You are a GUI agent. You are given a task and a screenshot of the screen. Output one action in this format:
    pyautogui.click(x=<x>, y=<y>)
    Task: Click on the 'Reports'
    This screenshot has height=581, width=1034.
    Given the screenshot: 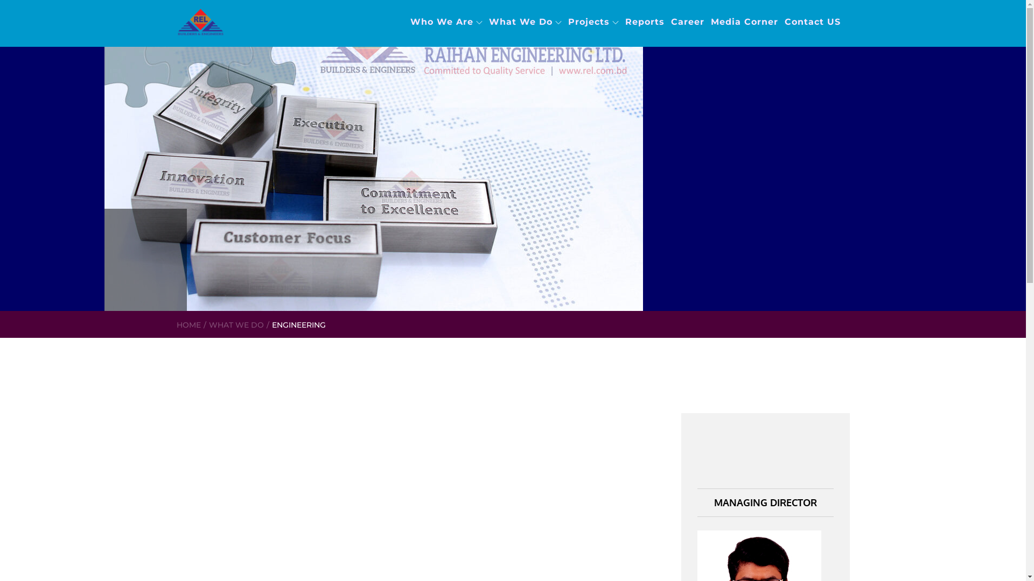 What is the action you would take?
    pyautogui.click(x=645, y=8)
    